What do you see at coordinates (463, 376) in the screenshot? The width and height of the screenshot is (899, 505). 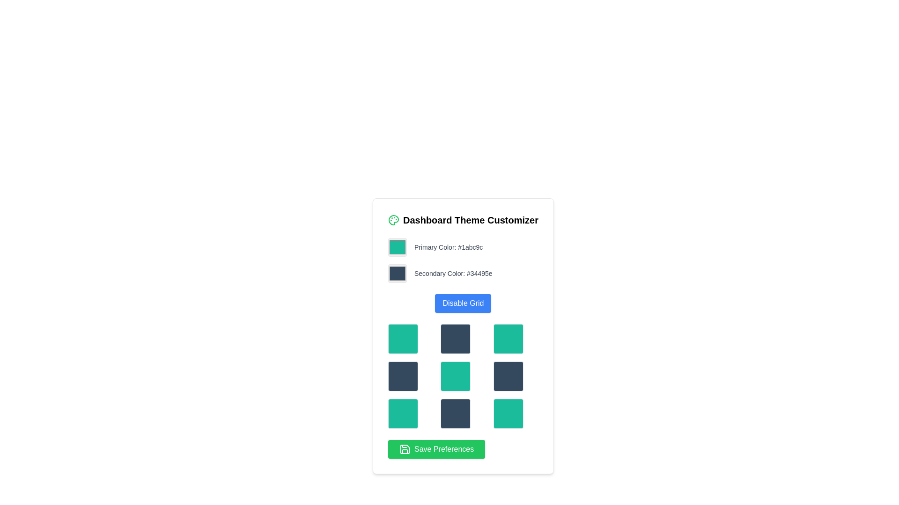 I see `the central Grid block in the Dashboard Theme Customizer, which visually represents a color theme selection and is positioned below the Disable Grid button and above the Save Preferences button` at bounding box center [463, 376].